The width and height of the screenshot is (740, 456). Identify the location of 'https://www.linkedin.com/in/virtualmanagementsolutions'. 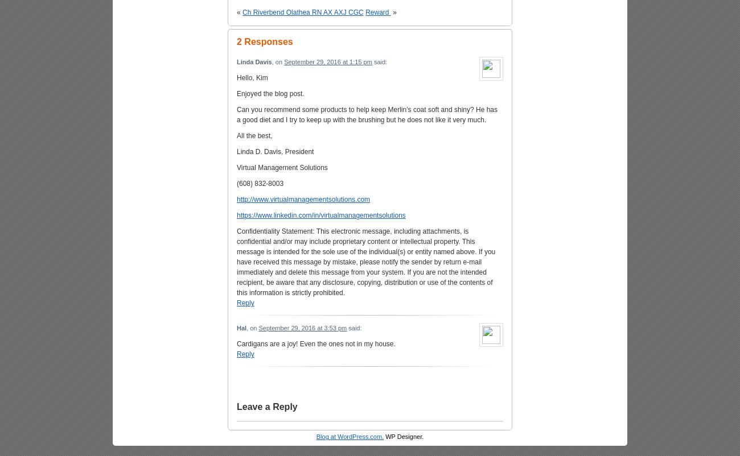
(237, 215).